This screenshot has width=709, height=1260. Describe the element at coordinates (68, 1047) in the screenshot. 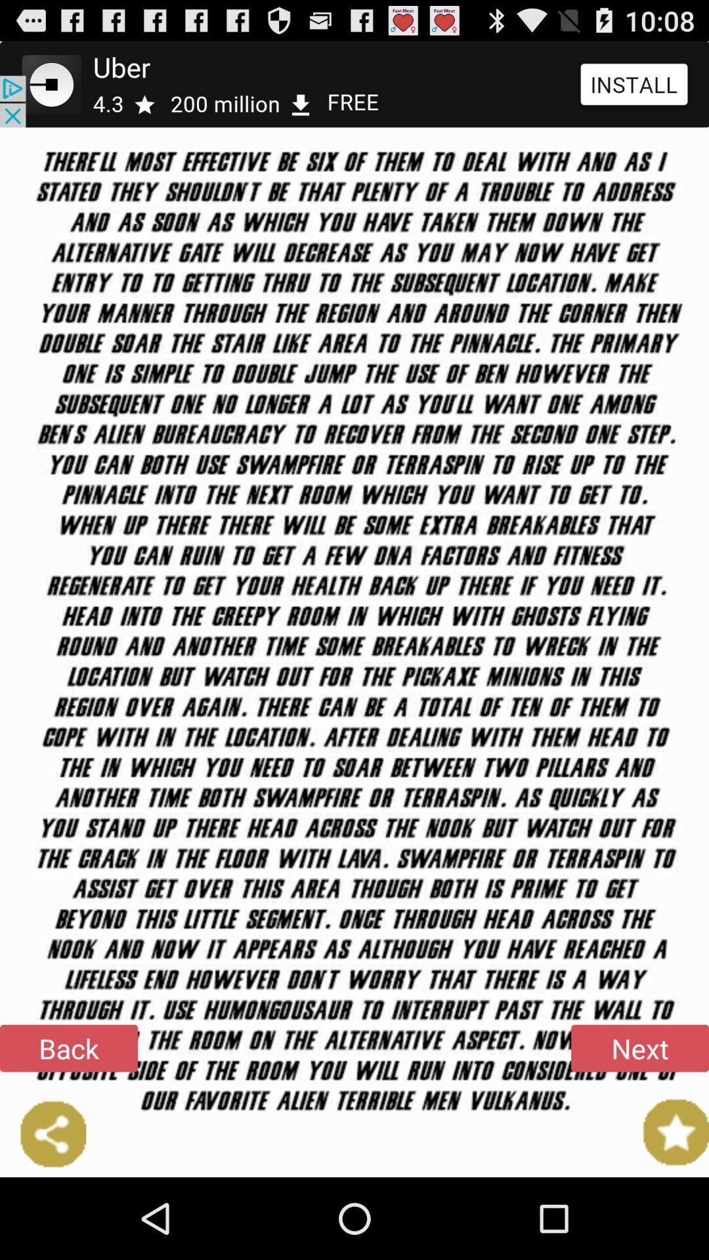

I see `the button next to the next icon` at that location.